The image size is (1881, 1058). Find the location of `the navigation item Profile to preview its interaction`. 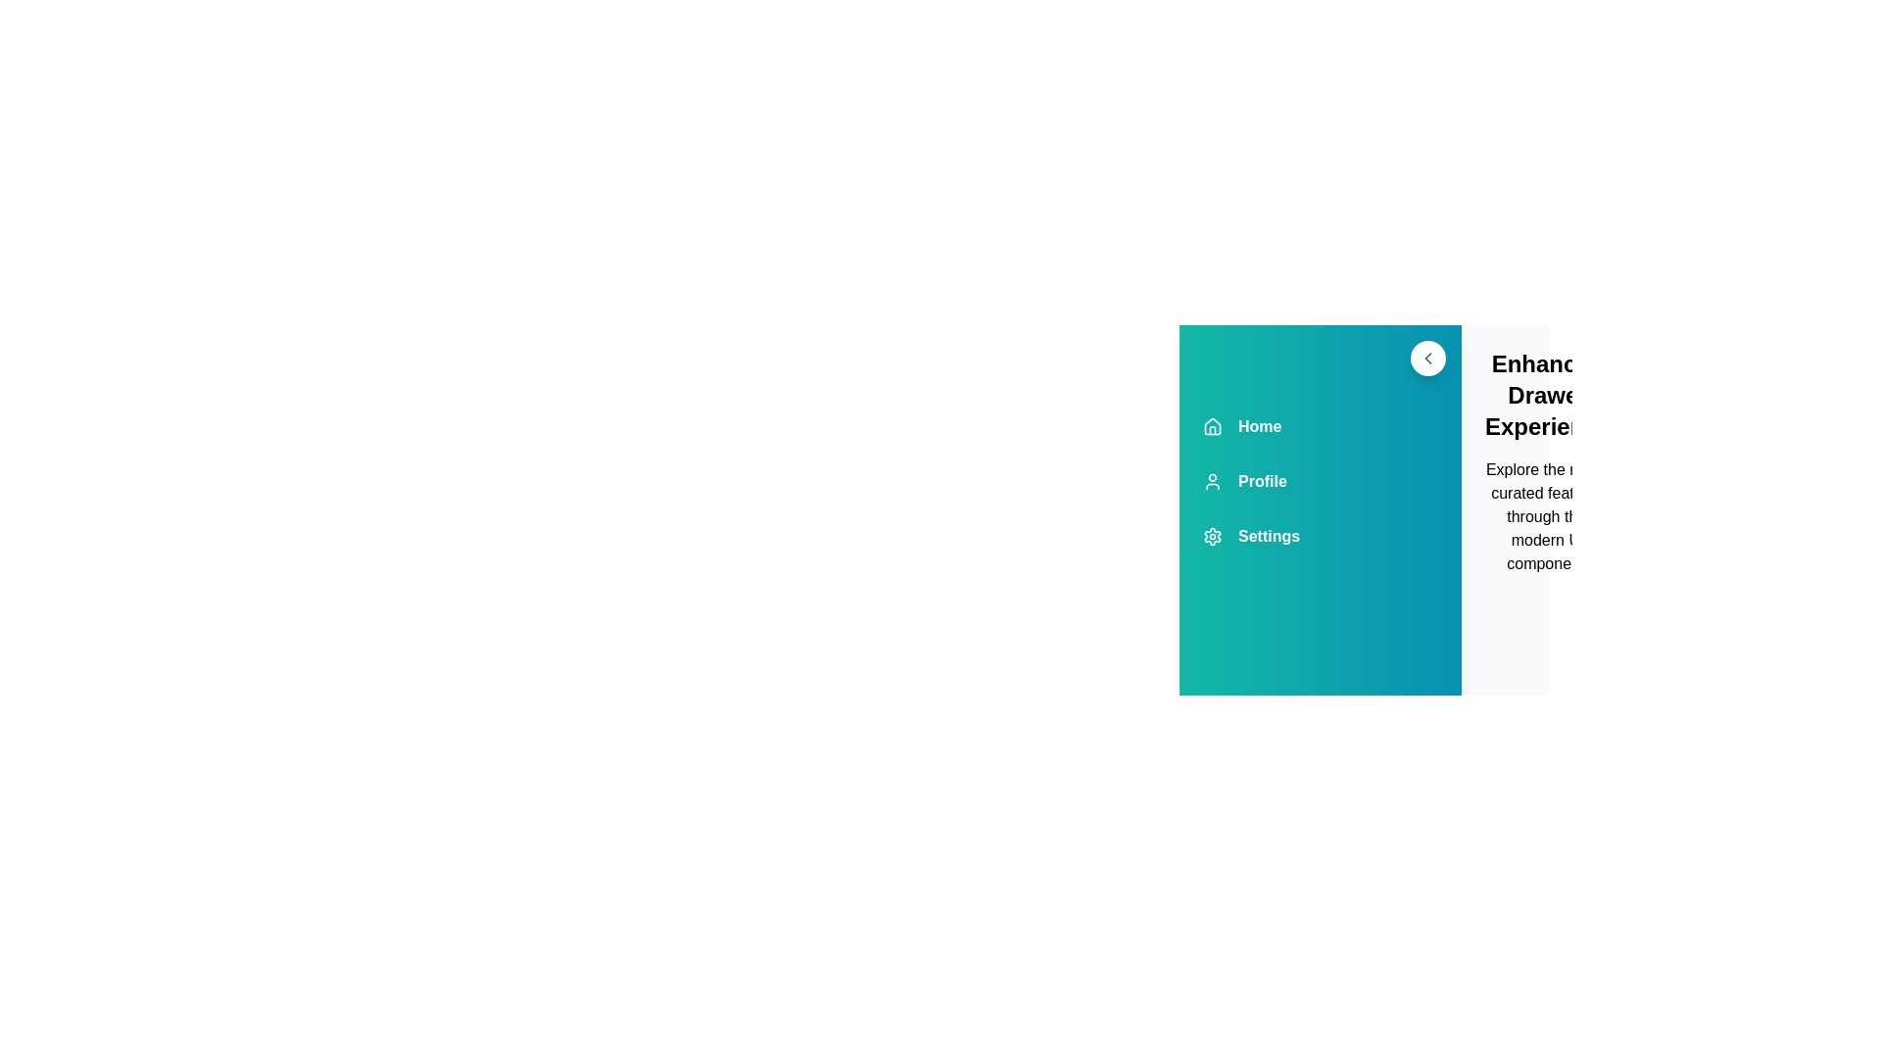

the navigation item Profile to preview its interaction is located at coordinates (1321, 482).